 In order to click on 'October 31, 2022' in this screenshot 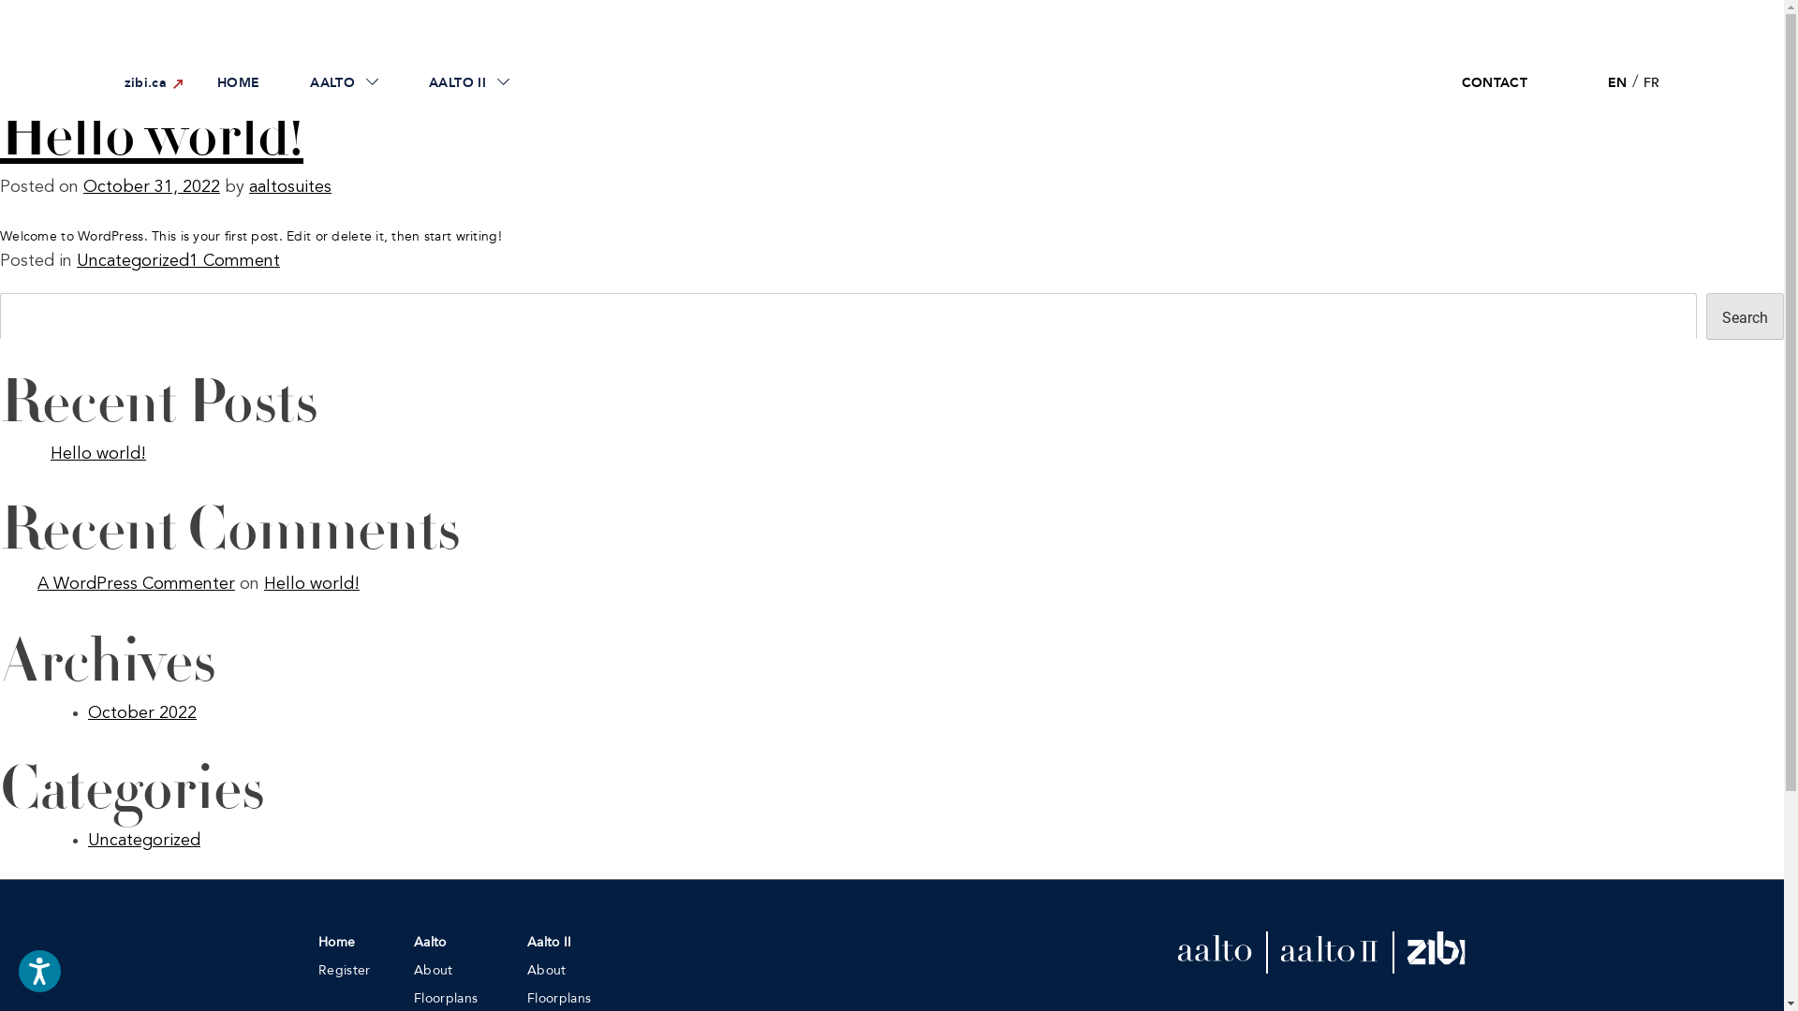, I will do `click(82, 187)`.